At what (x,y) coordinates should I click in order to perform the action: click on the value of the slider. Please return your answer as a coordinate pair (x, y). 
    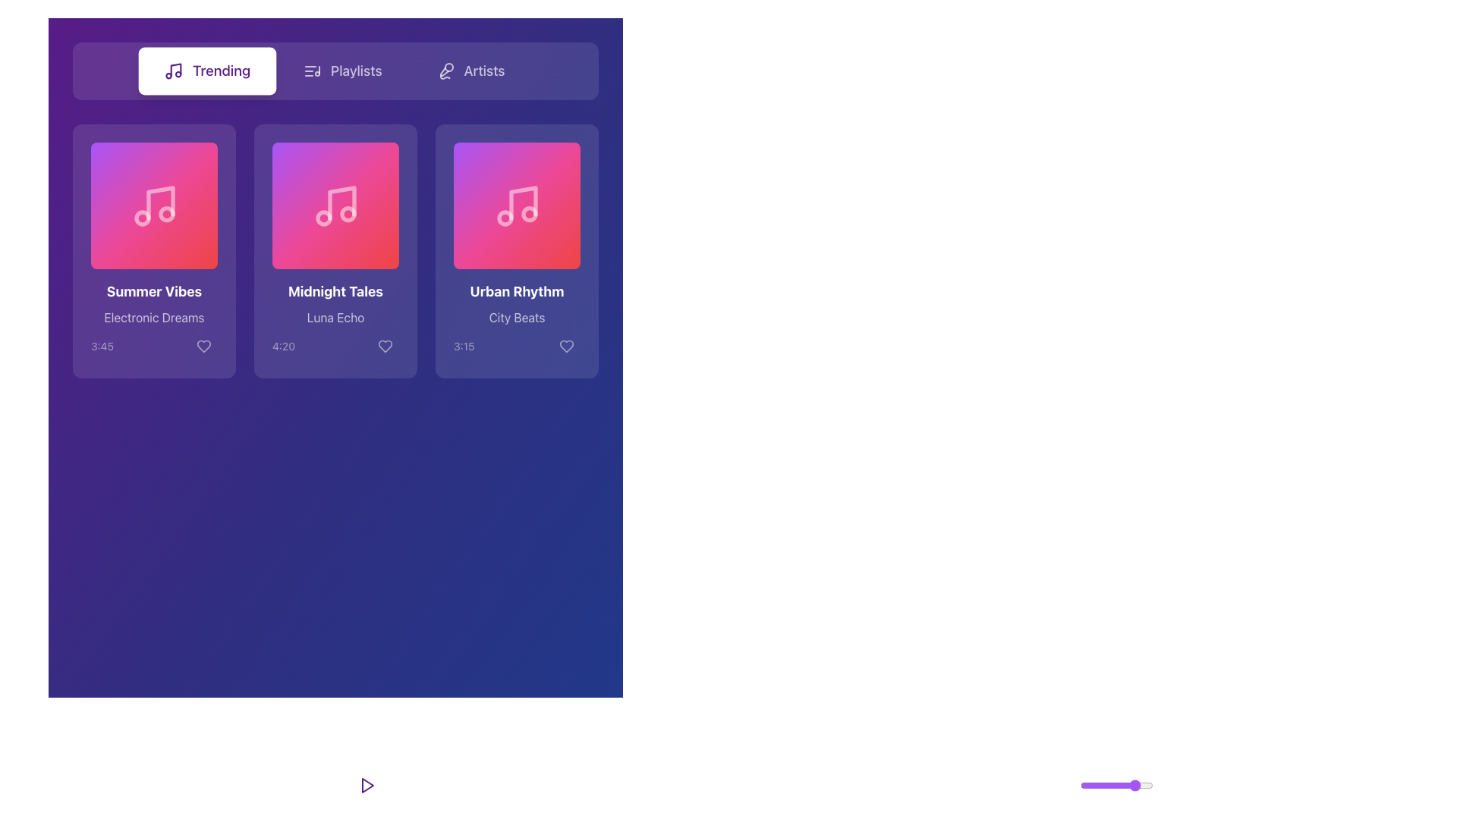
    Looking at the image, I should click on (1144, 785).